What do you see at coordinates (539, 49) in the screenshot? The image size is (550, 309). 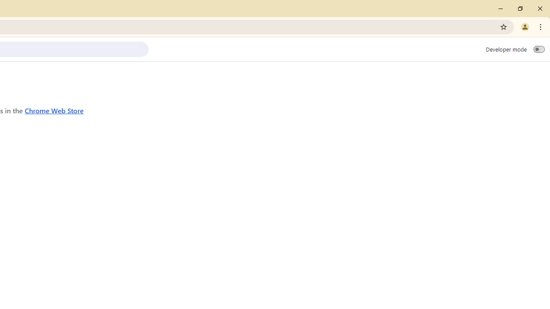 I see `'Developer mode'` at bounding box center [539, 49].